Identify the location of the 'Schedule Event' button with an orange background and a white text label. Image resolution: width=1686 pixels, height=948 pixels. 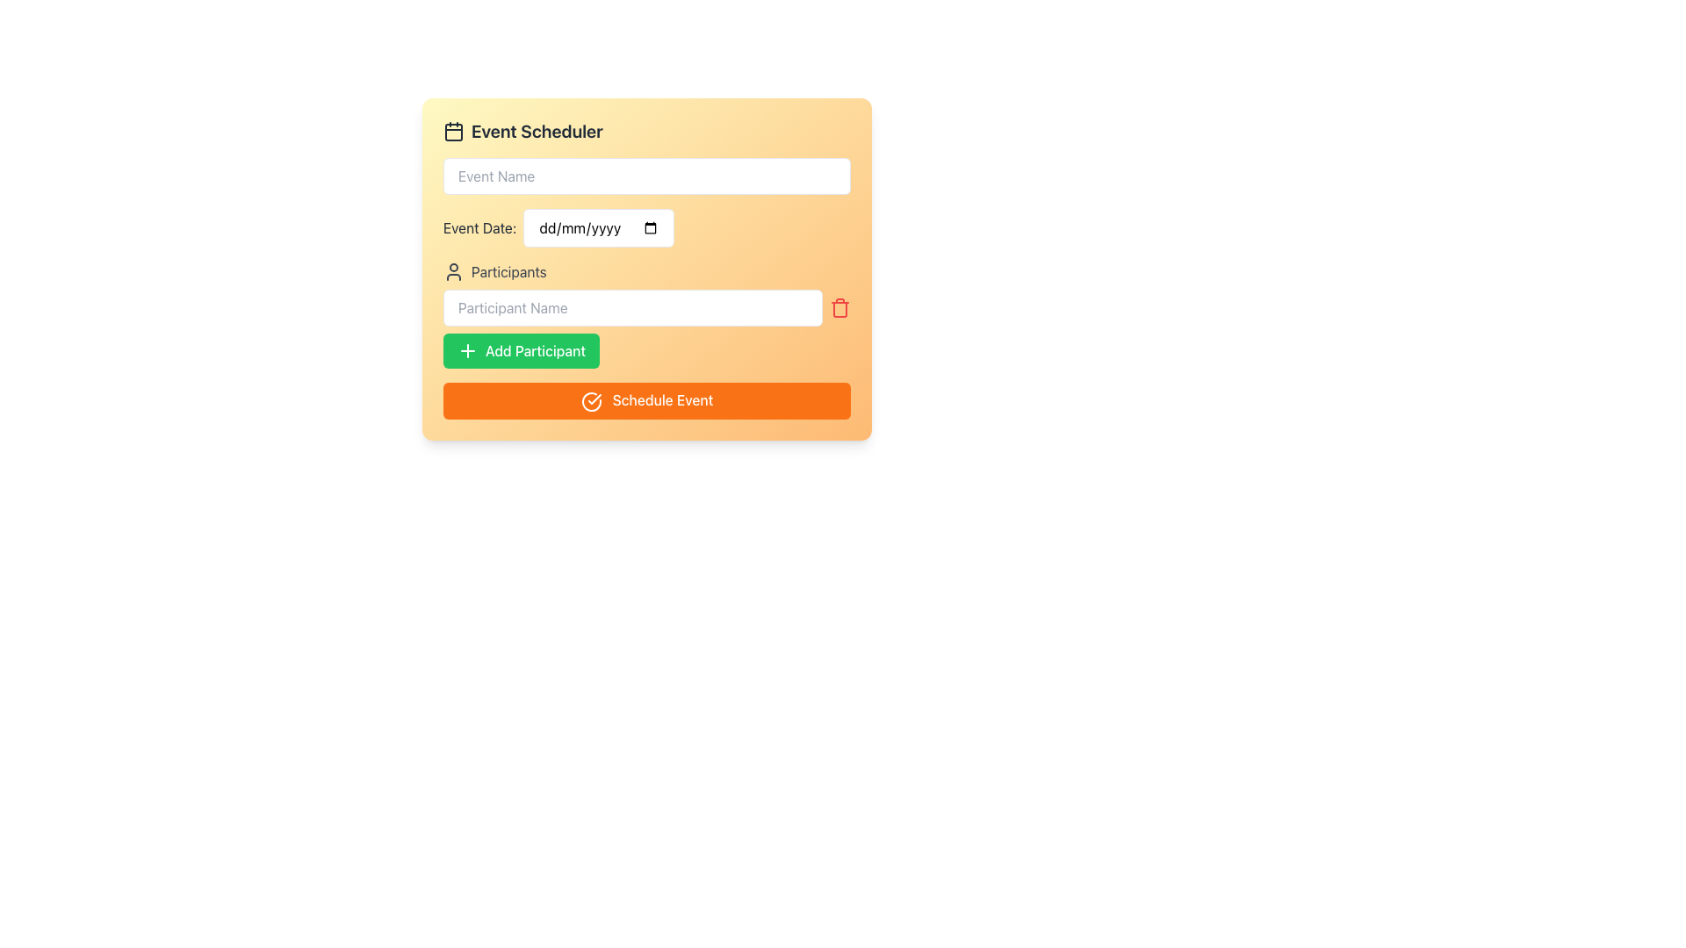
(646, 399).